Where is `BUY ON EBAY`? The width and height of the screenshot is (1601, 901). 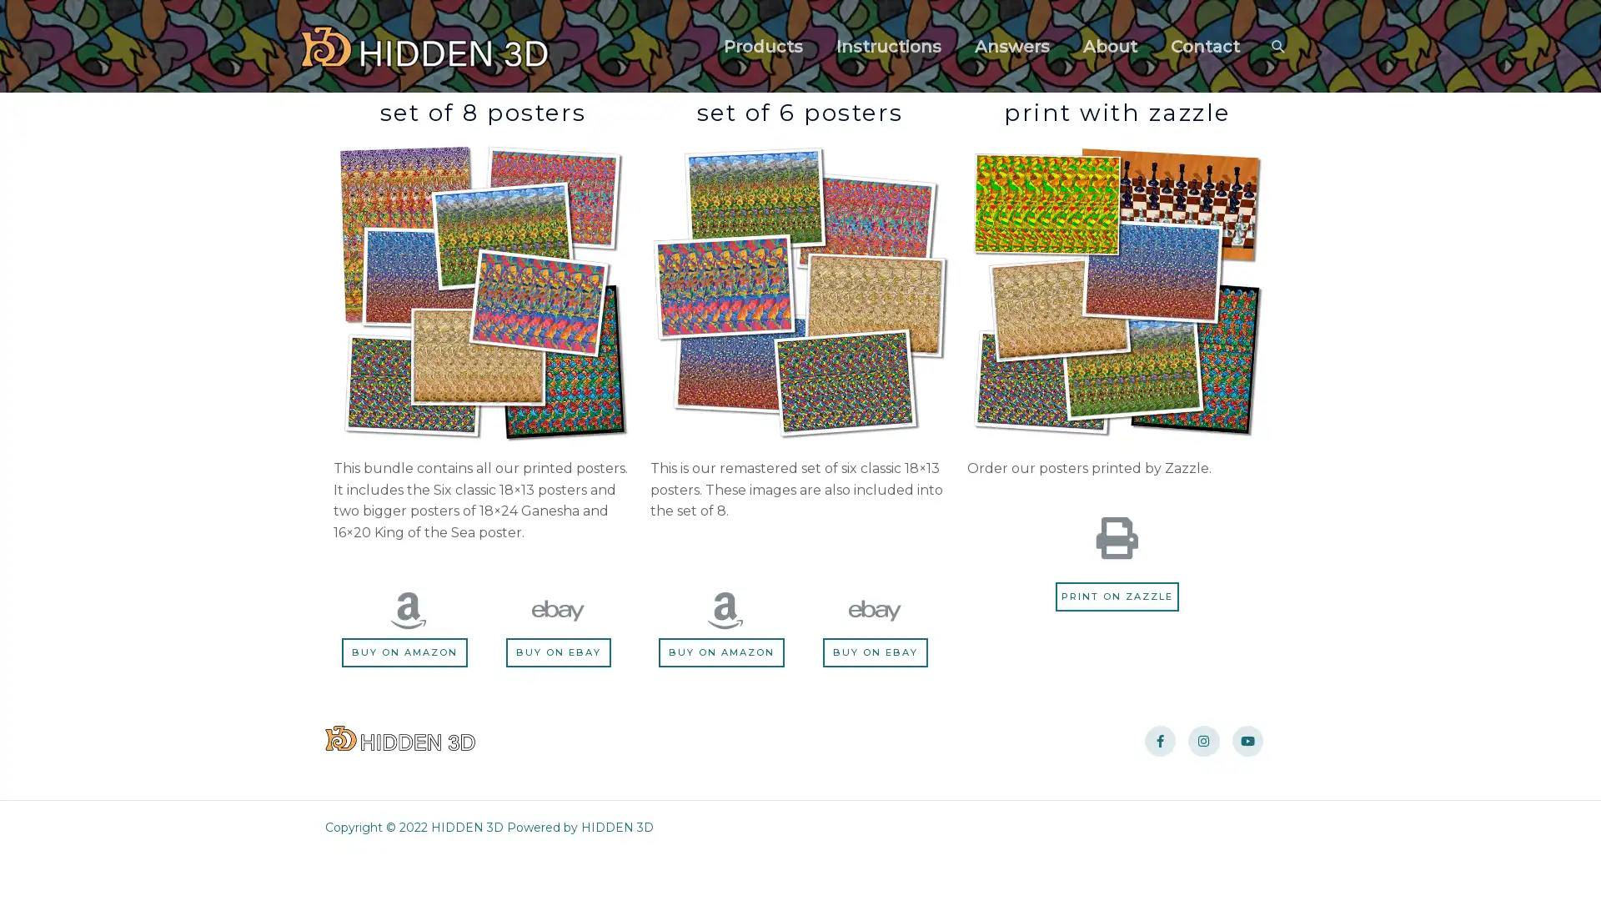 BUY ON EBAY is located at coordinates (874, 652).